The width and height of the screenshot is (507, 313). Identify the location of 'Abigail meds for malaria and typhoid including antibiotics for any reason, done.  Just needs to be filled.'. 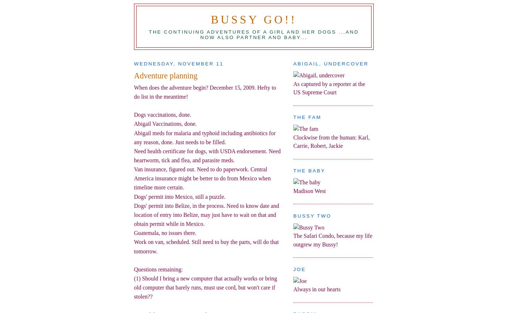
(134, 137).